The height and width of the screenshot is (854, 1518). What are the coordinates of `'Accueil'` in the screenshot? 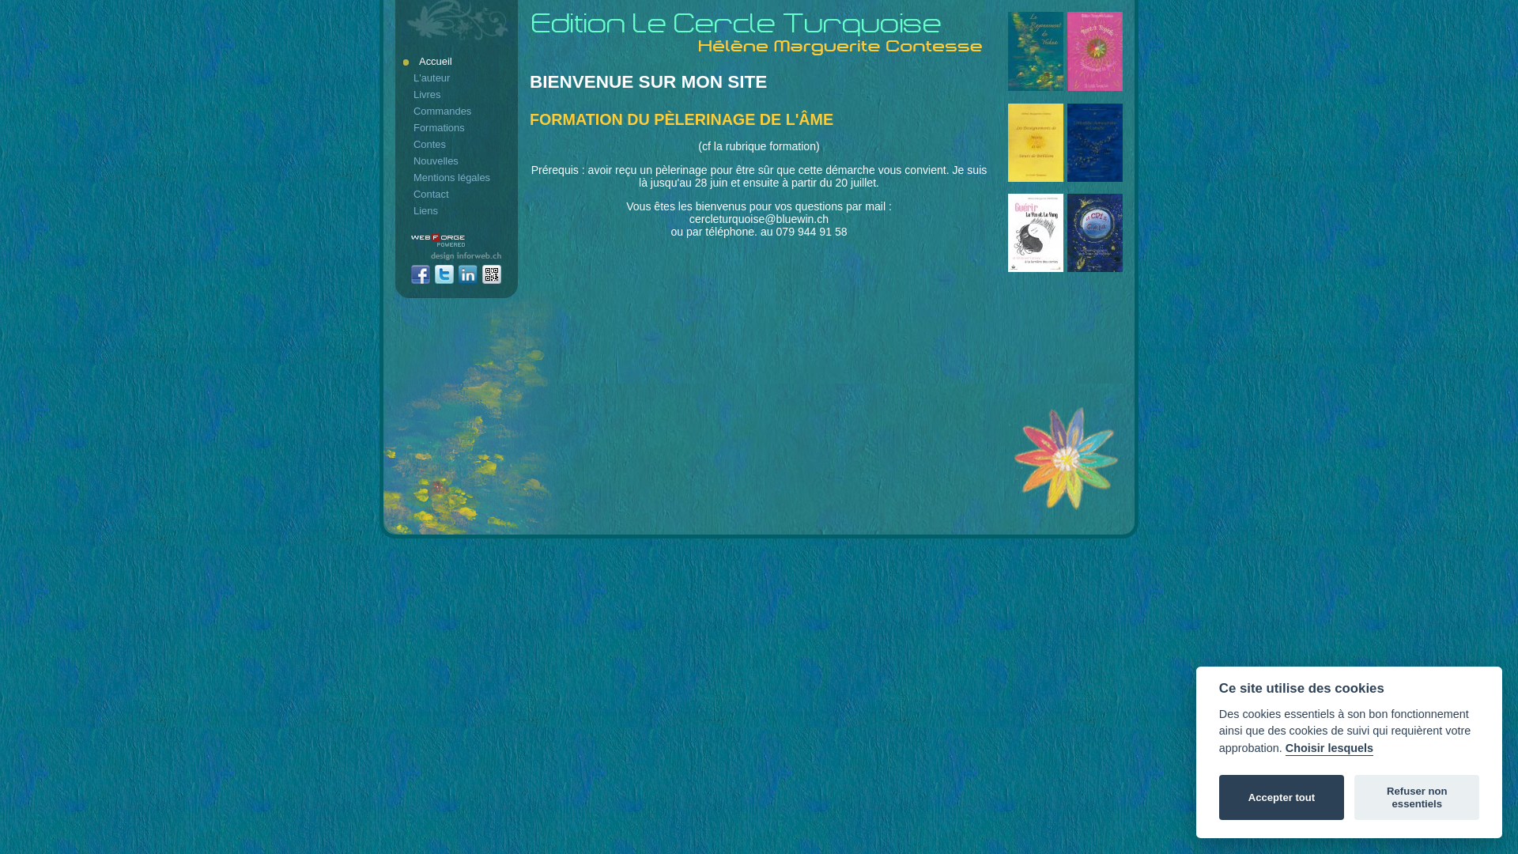 It's located at (457, 60).